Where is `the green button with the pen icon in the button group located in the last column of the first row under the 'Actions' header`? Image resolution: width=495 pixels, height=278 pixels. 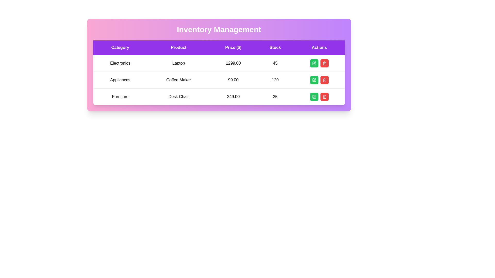 the green button with the pen icon in the button group located in the last column of the first row under the 'Actions' header is located at coordinates (319, 63).